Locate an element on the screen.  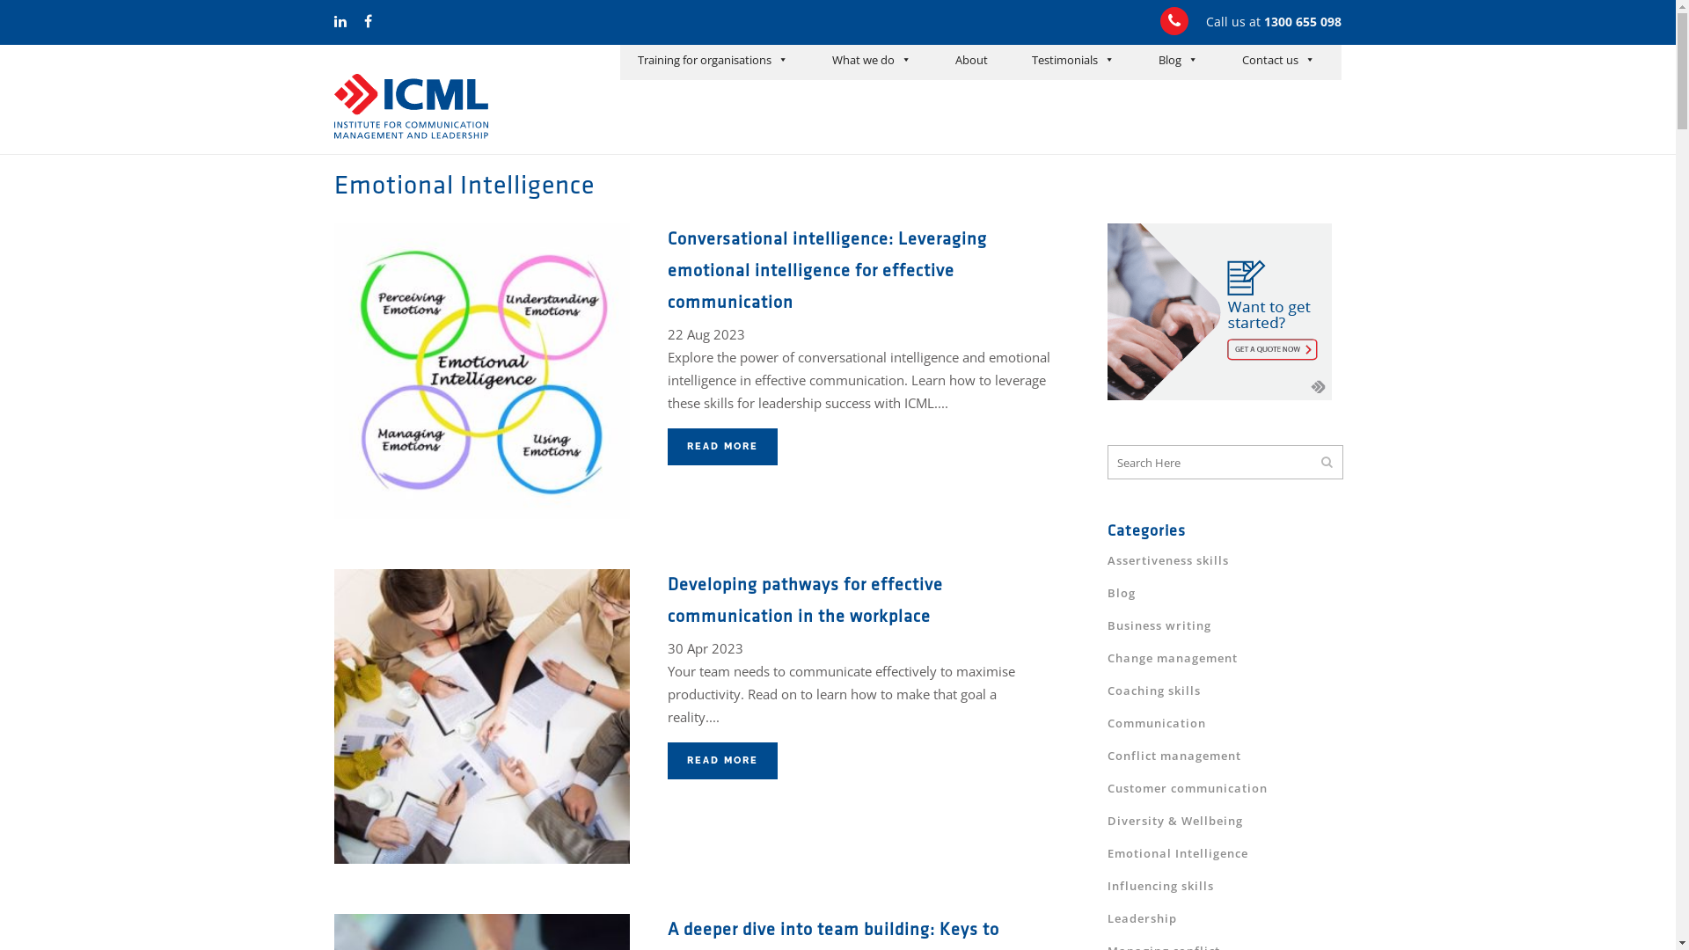
'Coaching skills' is located at coordinates (1153, 690).